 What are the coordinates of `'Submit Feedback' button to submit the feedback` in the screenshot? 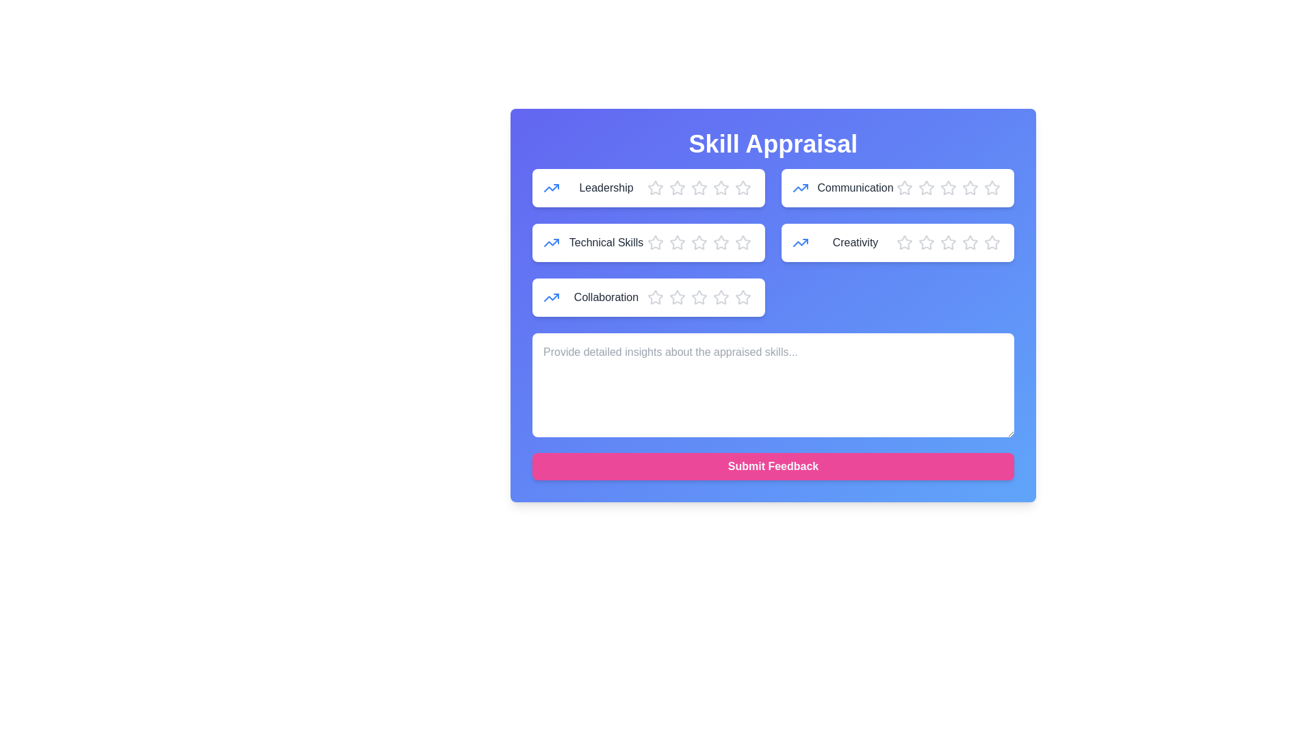 It's located at (773, 466).